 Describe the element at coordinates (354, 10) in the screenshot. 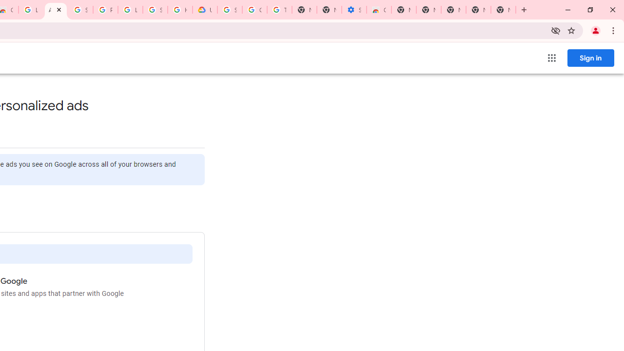

I see `'Settings - Accessibility'` at that location.